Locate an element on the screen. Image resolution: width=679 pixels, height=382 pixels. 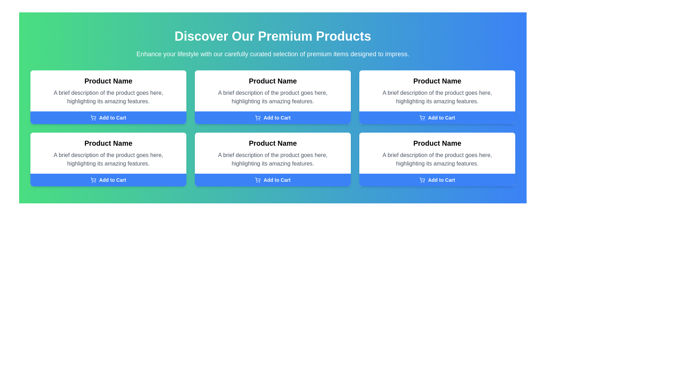
the bold text label titled 'Product Name' which is visually distinct in the product grid is located at coordinates (272, 80).